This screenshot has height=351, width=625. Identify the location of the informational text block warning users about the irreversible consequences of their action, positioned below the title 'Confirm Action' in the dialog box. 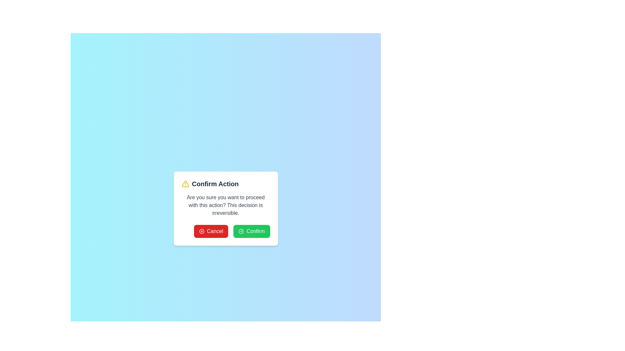
(226, 205).